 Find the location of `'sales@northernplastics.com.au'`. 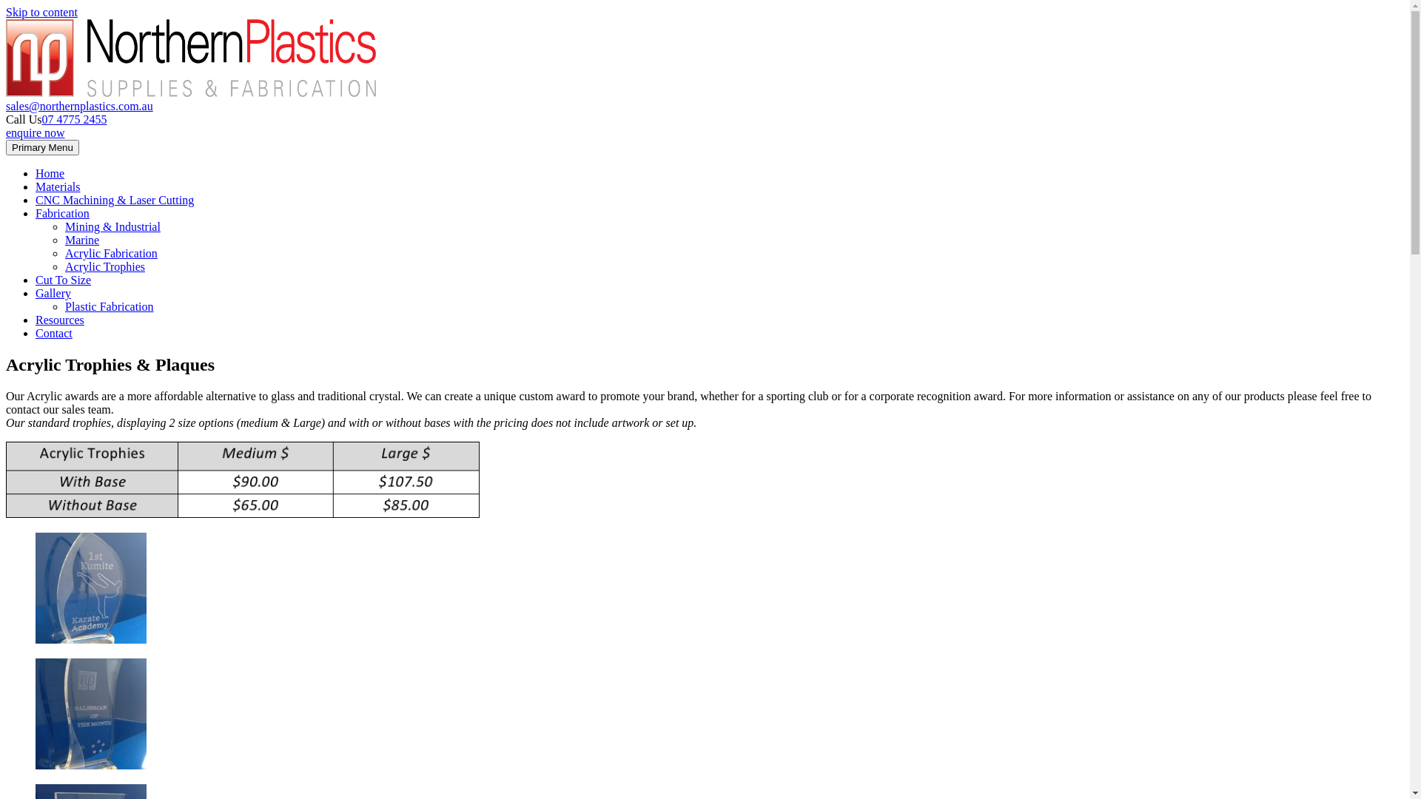

'sales@northernplastics.com.au' is located at coordinates (78, 105).